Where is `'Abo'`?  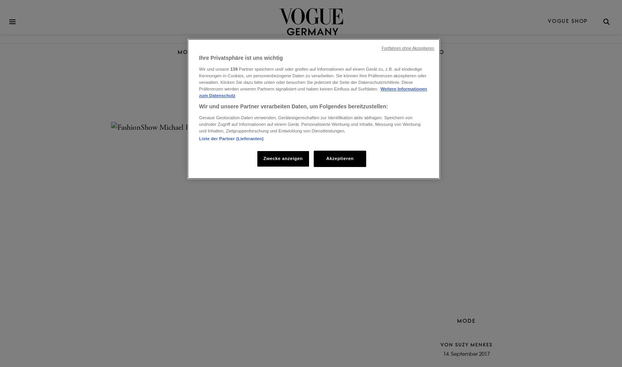
'Abo' is located at coordinates (437, 52).